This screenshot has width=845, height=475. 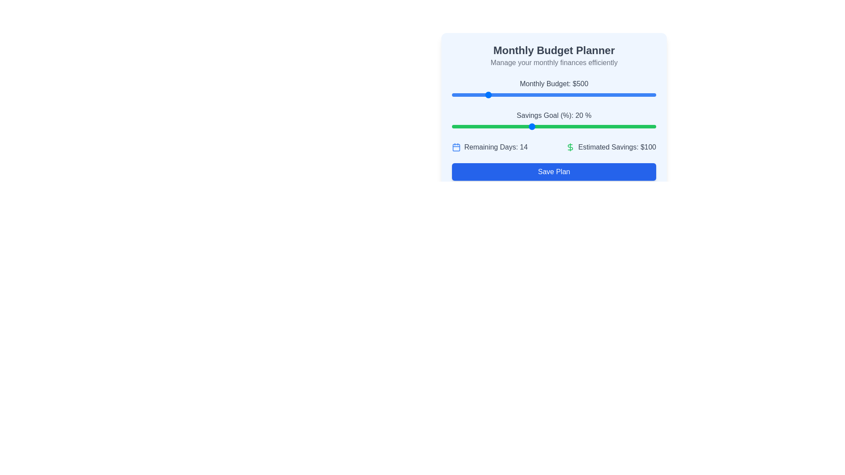 What do you see at coordinates (496, 147) in the screenshot?
I see `the text label displaying 'Remaining Days: 14', which is styled with gray color and positioned next to a small blue calendar icon` at bounding box center [496, 147].